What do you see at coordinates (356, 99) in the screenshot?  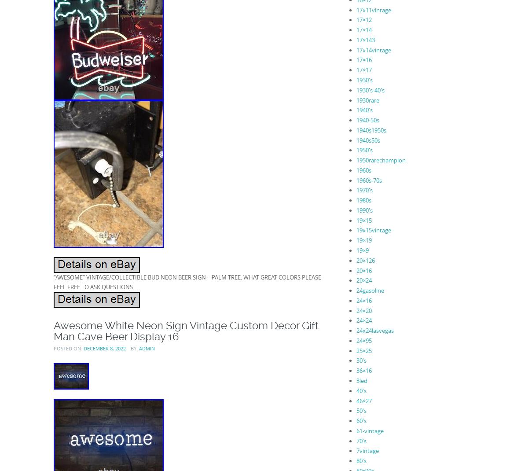 I see `'1930rare'` at bounding box center [356, 99].